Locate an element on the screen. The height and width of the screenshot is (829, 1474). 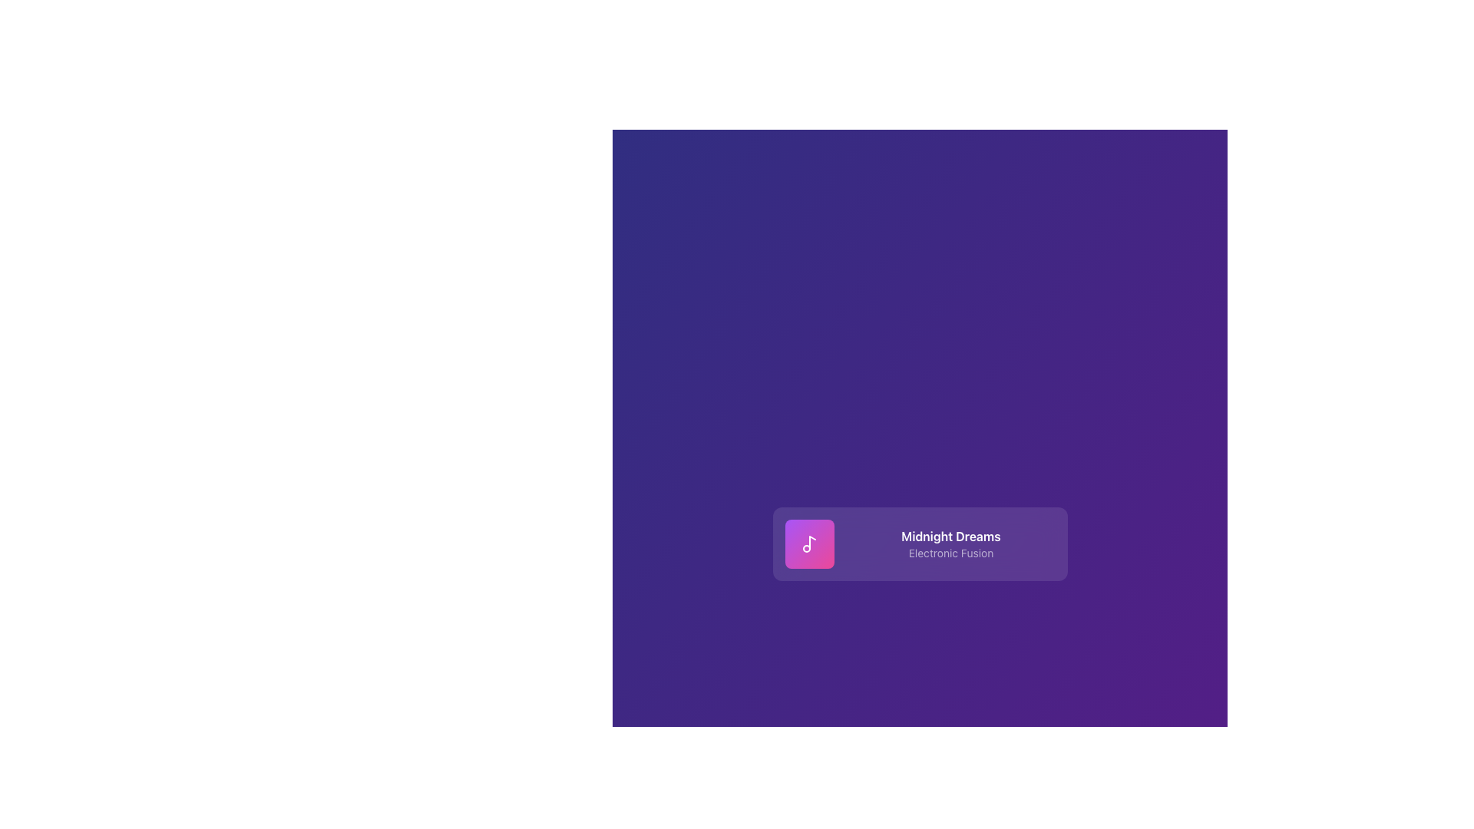
the square-shaped Icon Button featuring a gradient background with a white music note icon, positioned to the left of the 'Midnight Dreams' text description is located at coordinates (808, 543).